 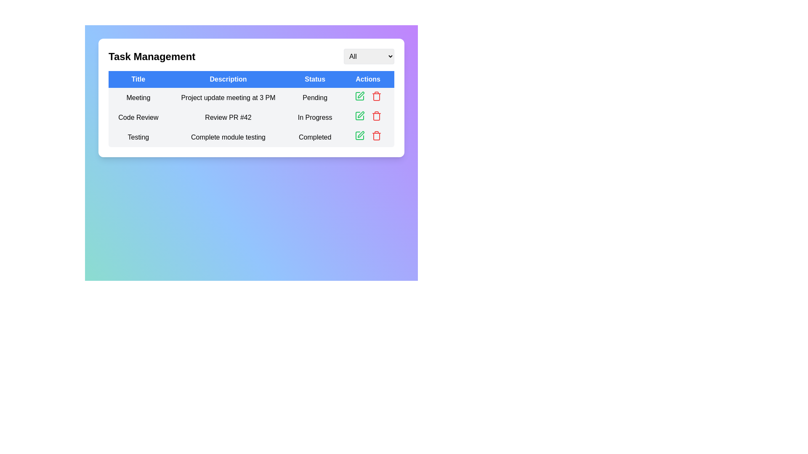 I want to click on the Static Text Label displaying 'In Progress' located in the third column of the second row under the 'Status' header, so click(x=314, y=117).